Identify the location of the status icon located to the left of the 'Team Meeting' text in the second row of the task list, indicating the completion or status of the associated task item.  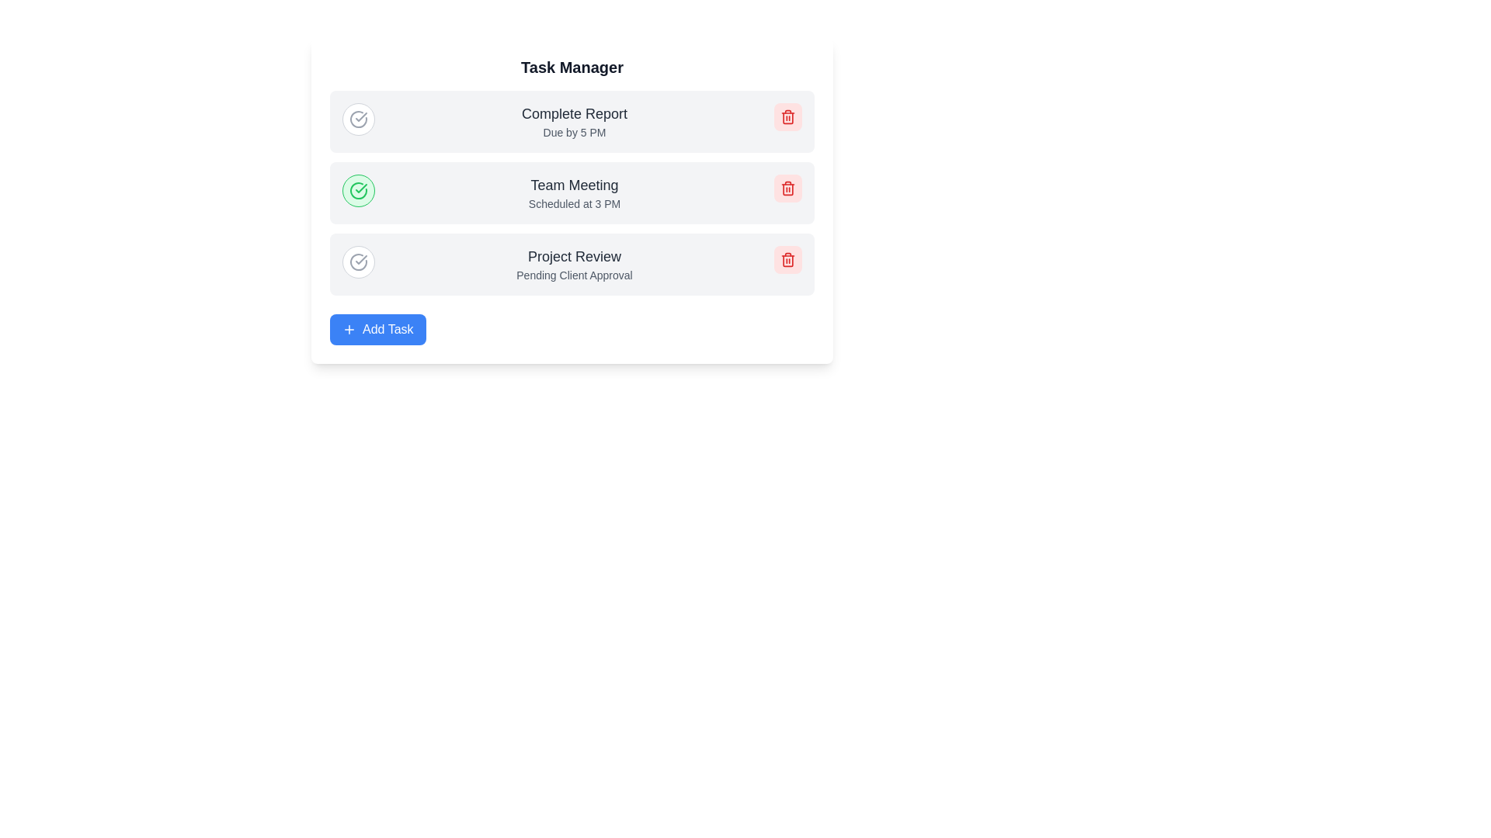
(357, 261).